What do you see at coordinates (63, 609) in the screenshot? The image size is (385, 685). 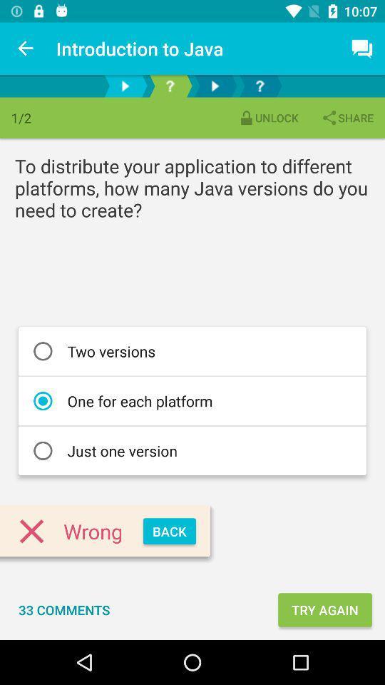 I see `the item to the left of try again item` at bounding box center [63, 609].